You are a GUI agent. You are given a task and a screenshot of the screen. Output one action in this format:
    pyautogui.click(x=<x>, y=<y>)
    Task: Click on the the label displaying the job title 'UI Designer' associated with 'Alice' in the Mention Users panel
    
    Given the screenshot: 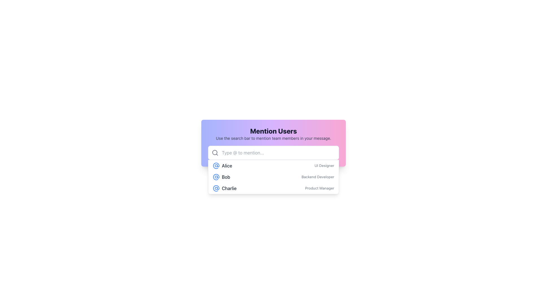 What is the action you would take?
    pyautogui.click(x=324, y=165)
    